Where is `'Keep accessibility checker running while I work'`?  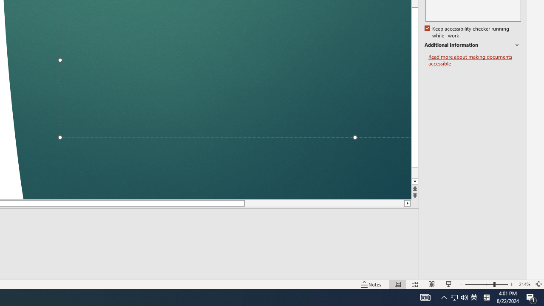
'Keep accessibility checker running while I work' is located at coordinates (467, 32).